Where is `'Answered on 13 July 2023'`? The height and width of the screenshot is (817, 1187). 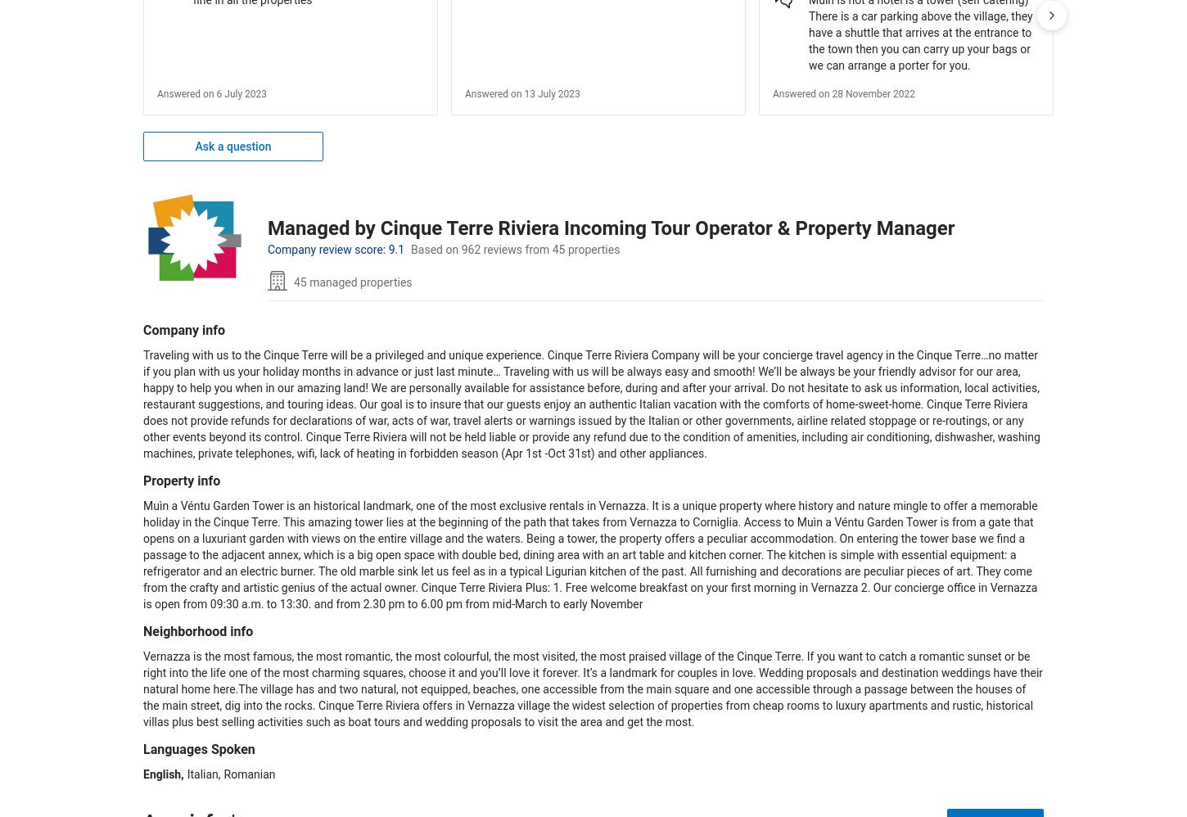
'Answered on 13 July 2023' is located at coordinates (521, 93).